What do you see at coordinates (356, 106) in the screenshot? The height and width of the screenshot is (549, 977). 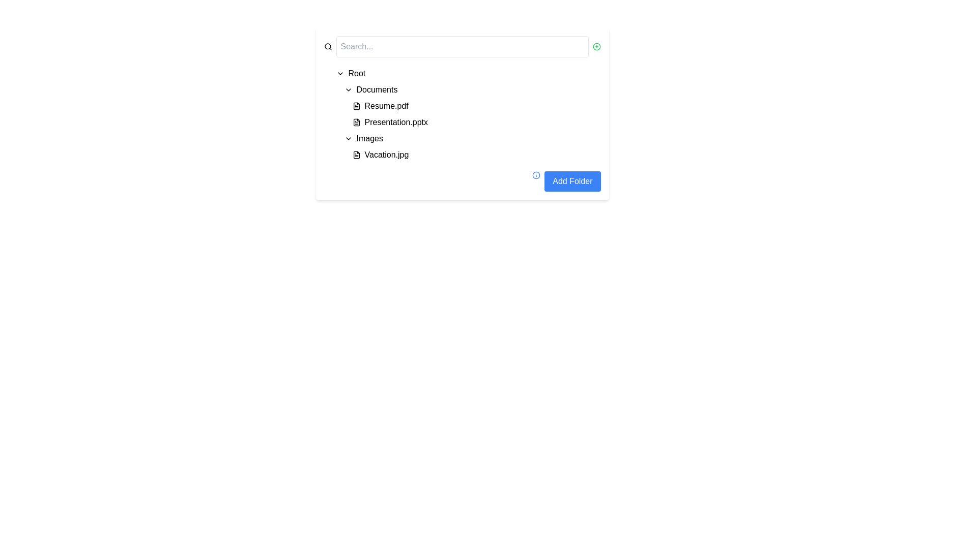 I see `the PDF file icon located to the left of the text 'Resume.pdf' in the interface` at bounding box center [356, 106].